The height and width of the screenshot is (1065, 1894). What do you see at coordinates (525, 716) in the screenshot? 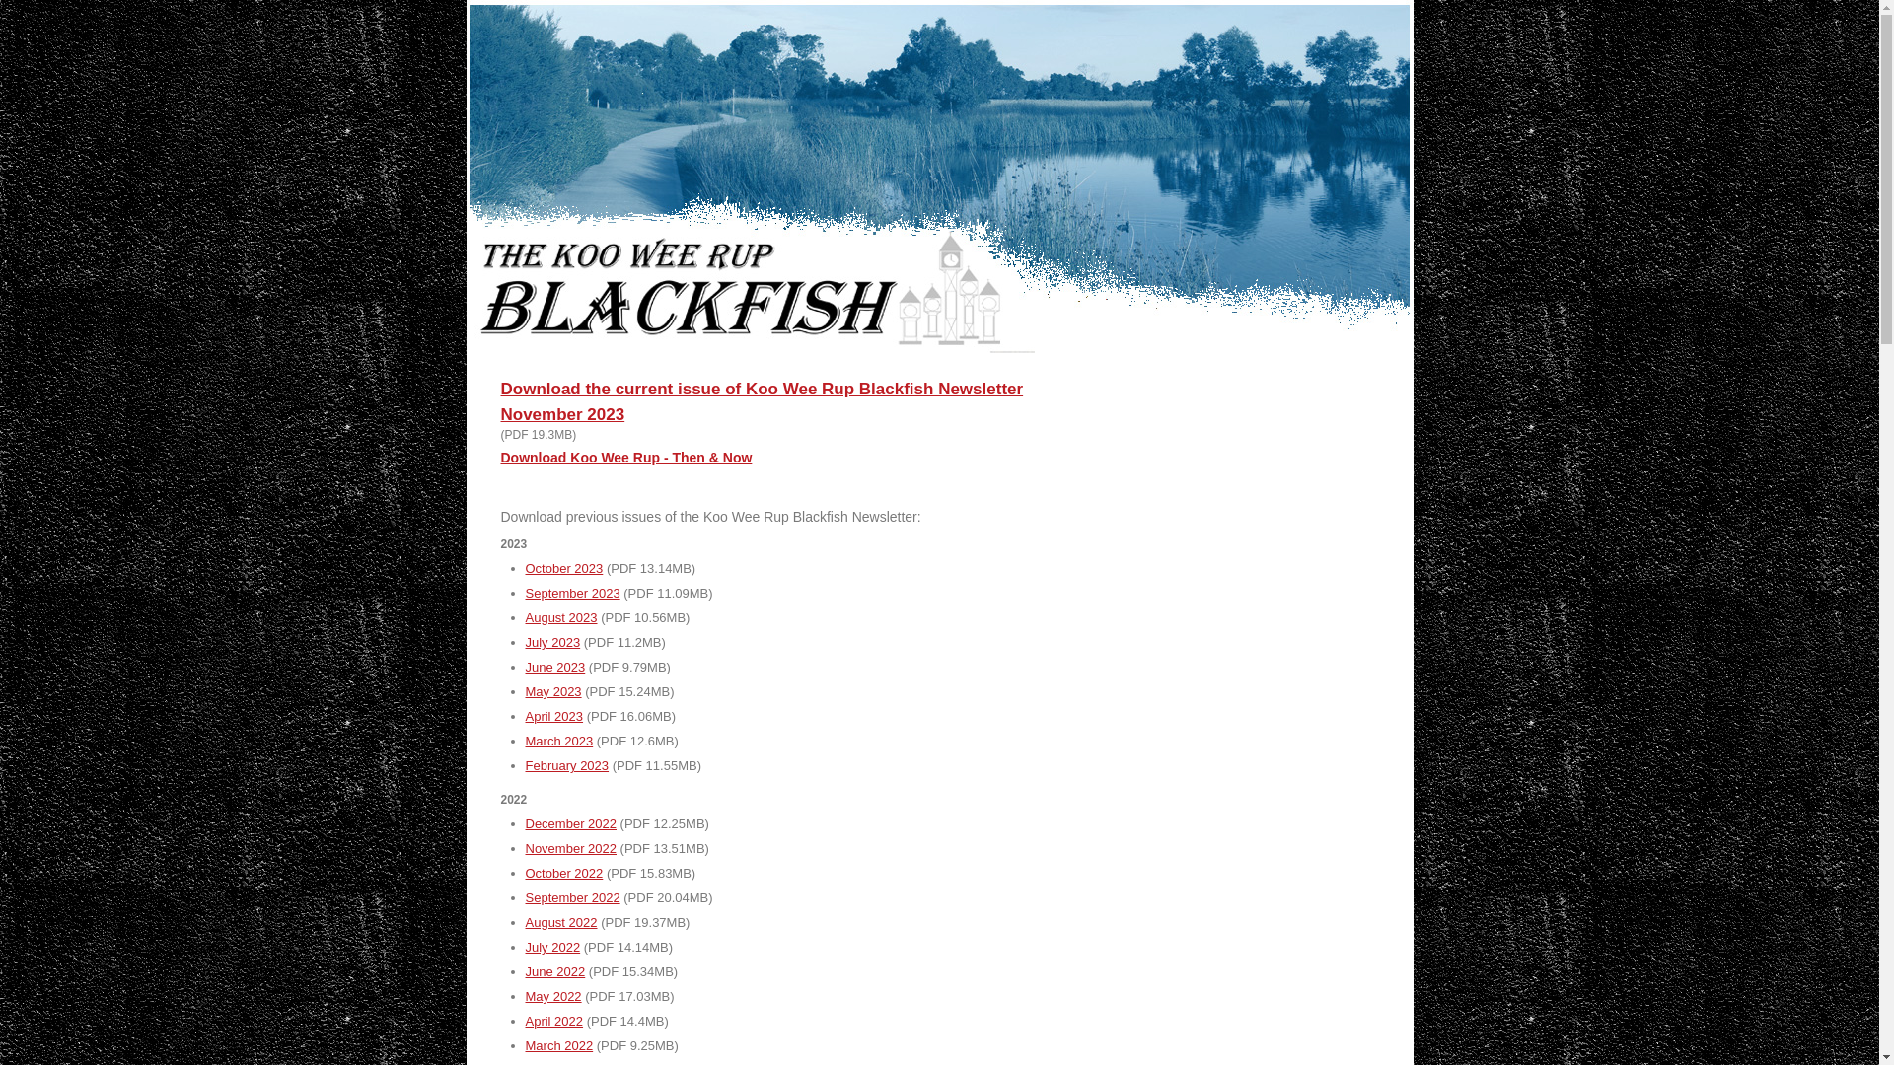
I see `'April 2023'` at bounding box center [525, 716].